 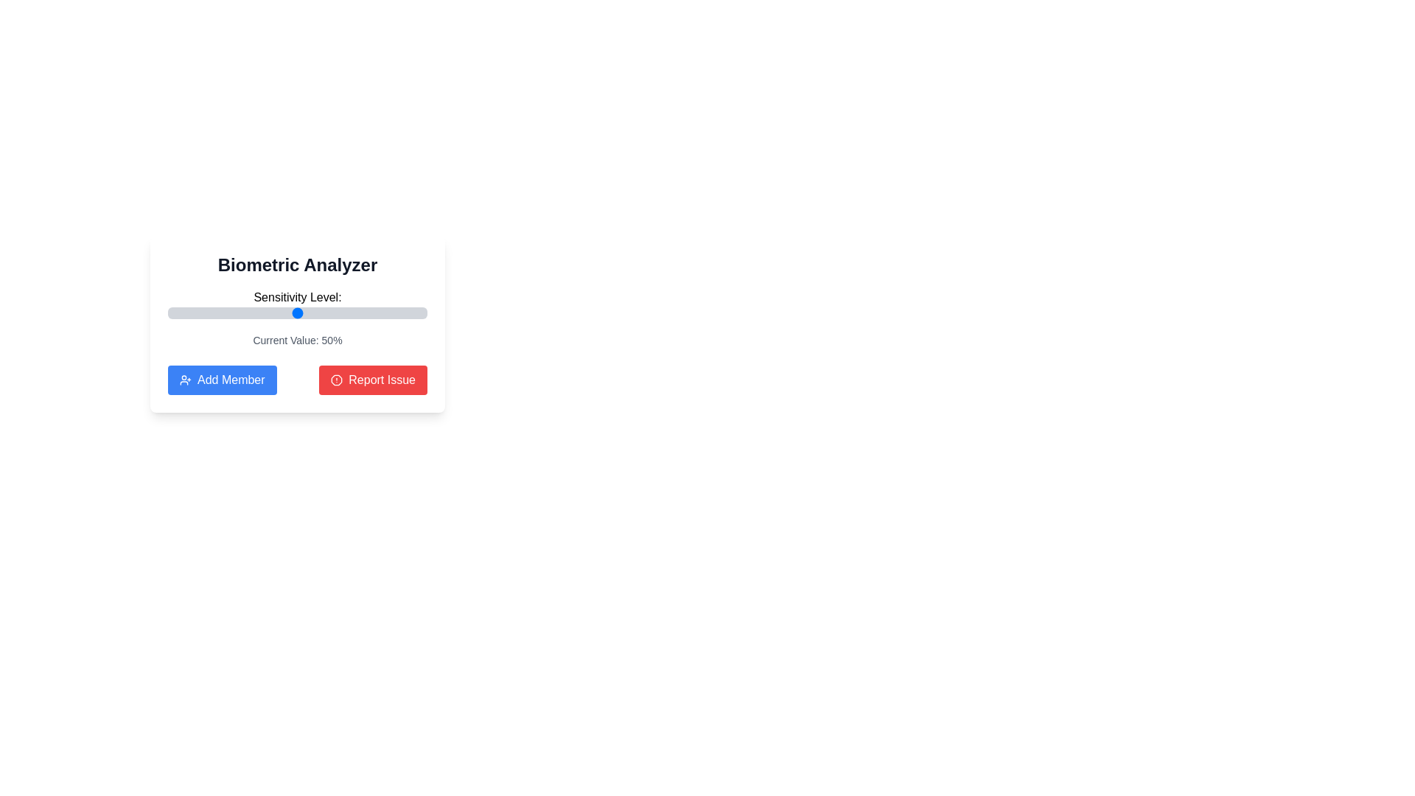 I want to click on the sensitivity level, so click(x=354, y=312).